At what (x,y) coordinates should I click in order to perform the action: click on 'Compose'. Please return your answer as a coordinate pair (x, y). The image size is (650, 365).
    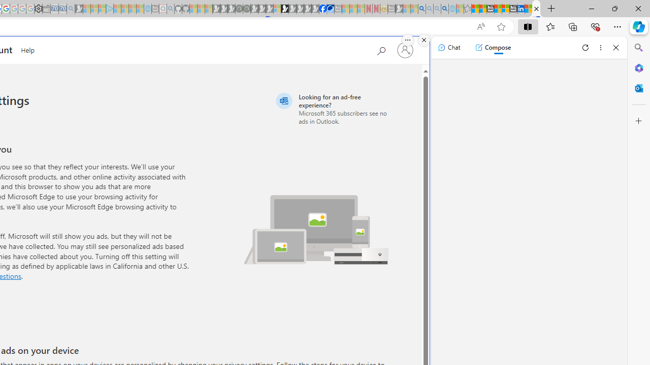
    Looking at the image, I should click on (493, 47).